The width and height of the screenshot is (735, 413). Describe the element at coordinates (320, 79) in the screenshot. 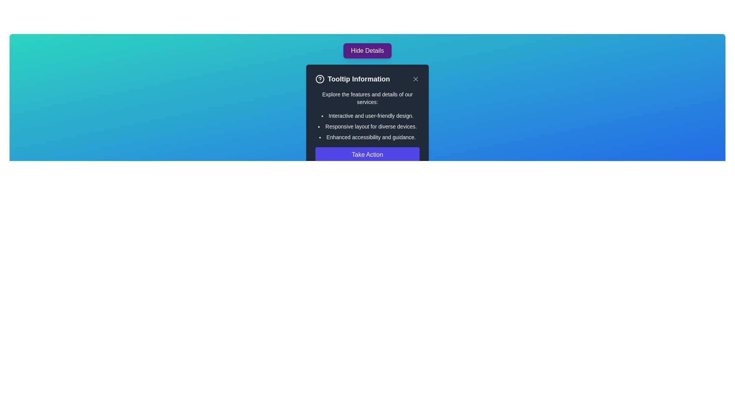

I see `the help icon located to the left of the 'Tooltip Information' text` at that location.